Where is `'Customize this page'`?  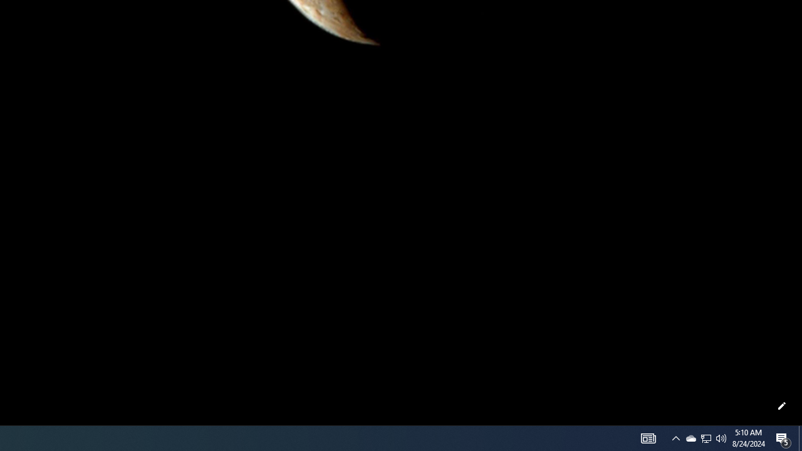
'Customize this page' is located at coordinates (781, 406).